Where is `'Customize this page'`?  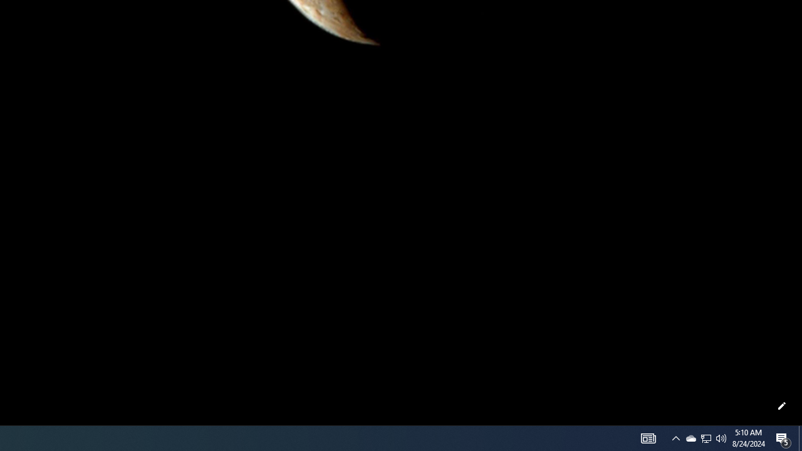
'Customize this page' is located at coordinates (781, 406).